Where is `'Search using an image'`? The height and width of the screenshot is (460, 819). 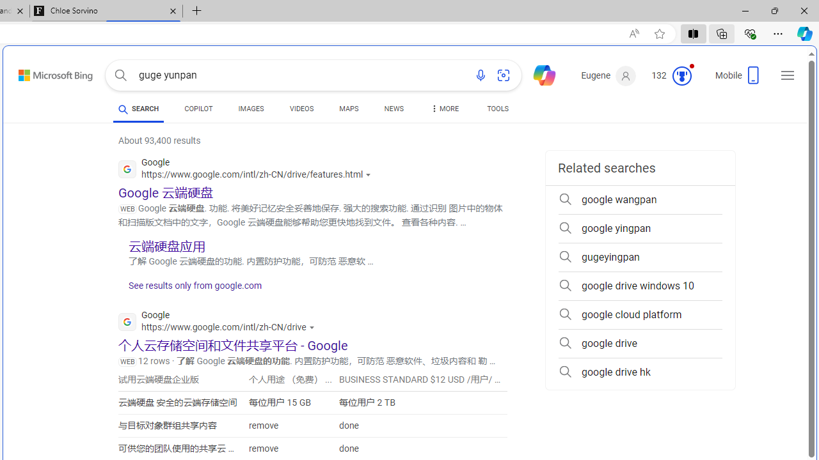
'Search using an image' is located at coordinates (503, 75).